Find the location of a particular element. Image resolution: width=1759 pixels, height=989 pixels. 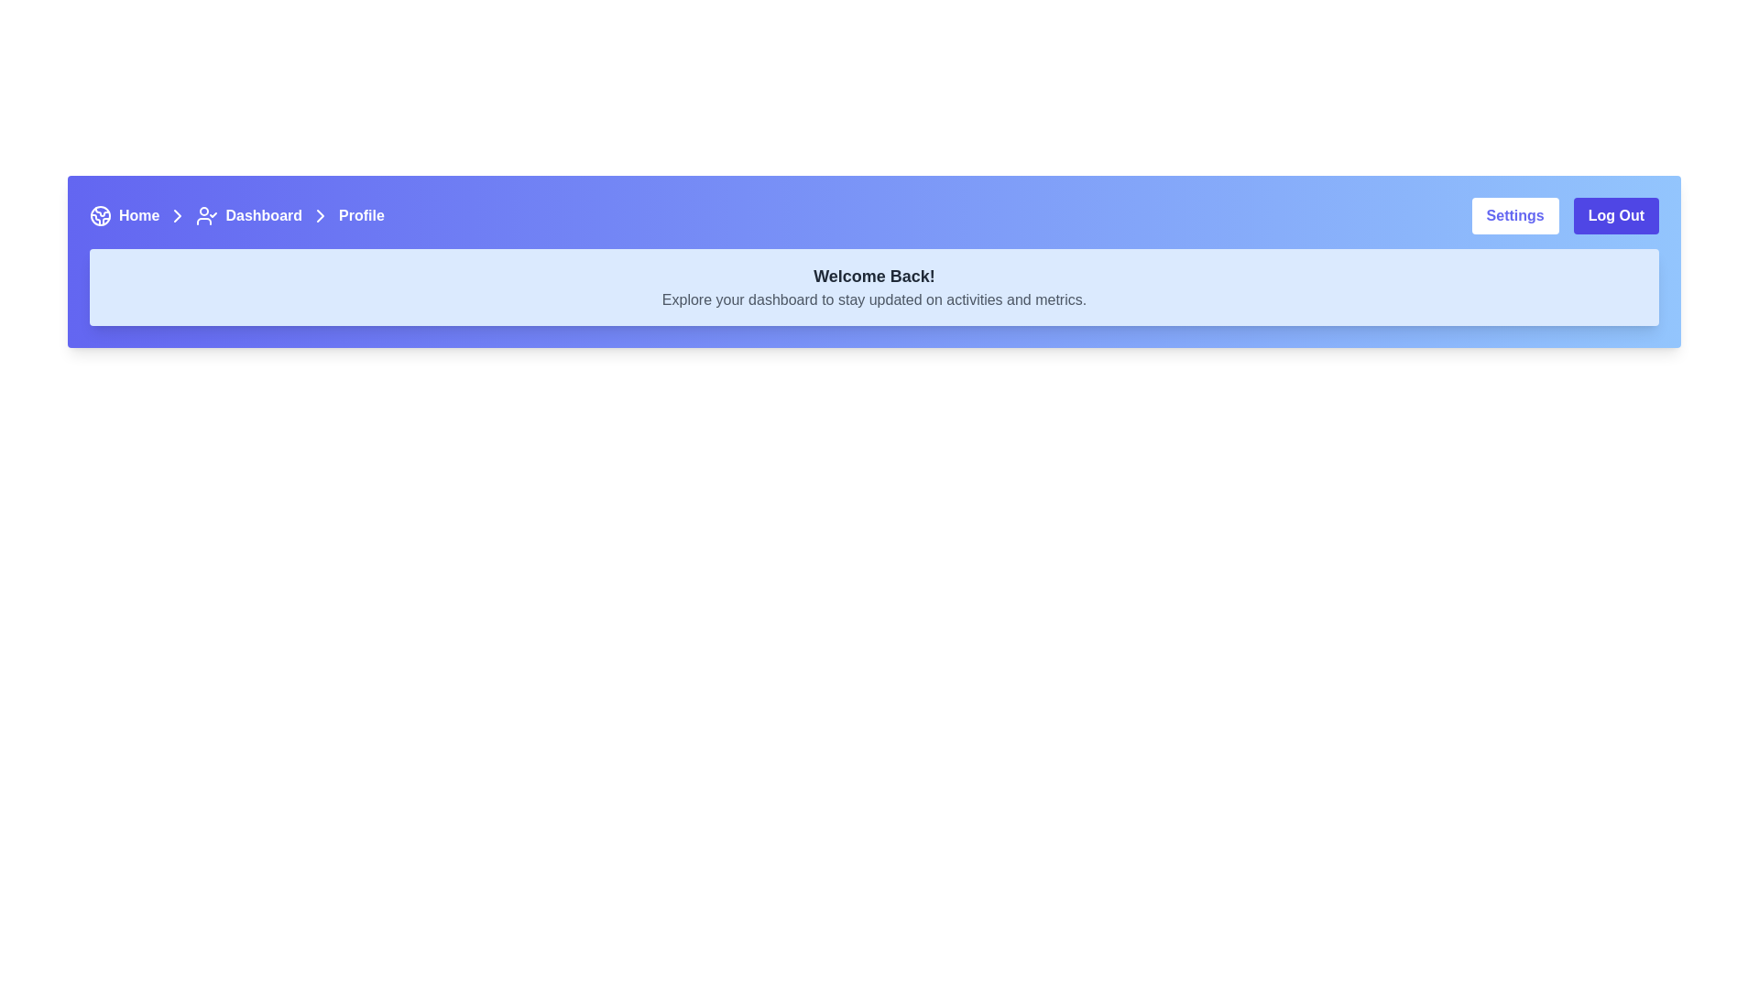

the 'Settings' button, which is a rectangular button with rounded corners, white background, and blue text is located at coordinates (1515, 214).